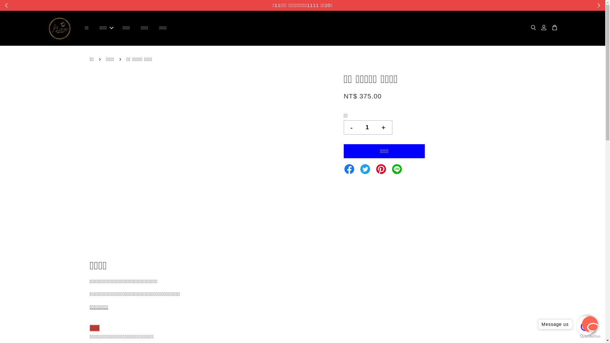  What do you see at coordinates (343, 168) in the screenshot?
I see `'Facebook'` at bounding box center [343, 168].